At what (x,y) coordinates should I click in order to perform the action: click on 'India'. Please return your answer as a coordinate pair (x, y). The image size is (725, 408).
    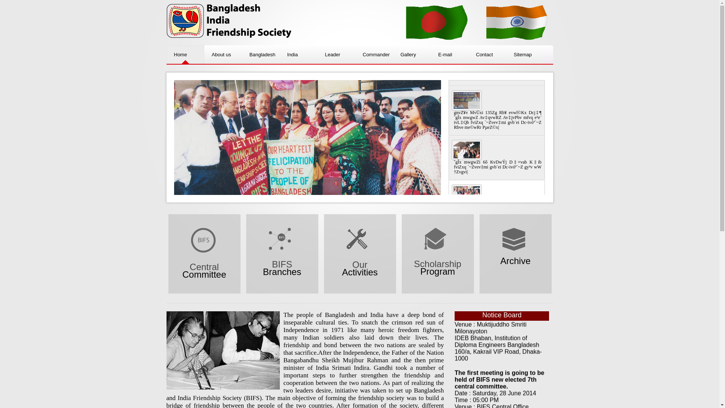
    Looking at the image, I should click on (298, 54).